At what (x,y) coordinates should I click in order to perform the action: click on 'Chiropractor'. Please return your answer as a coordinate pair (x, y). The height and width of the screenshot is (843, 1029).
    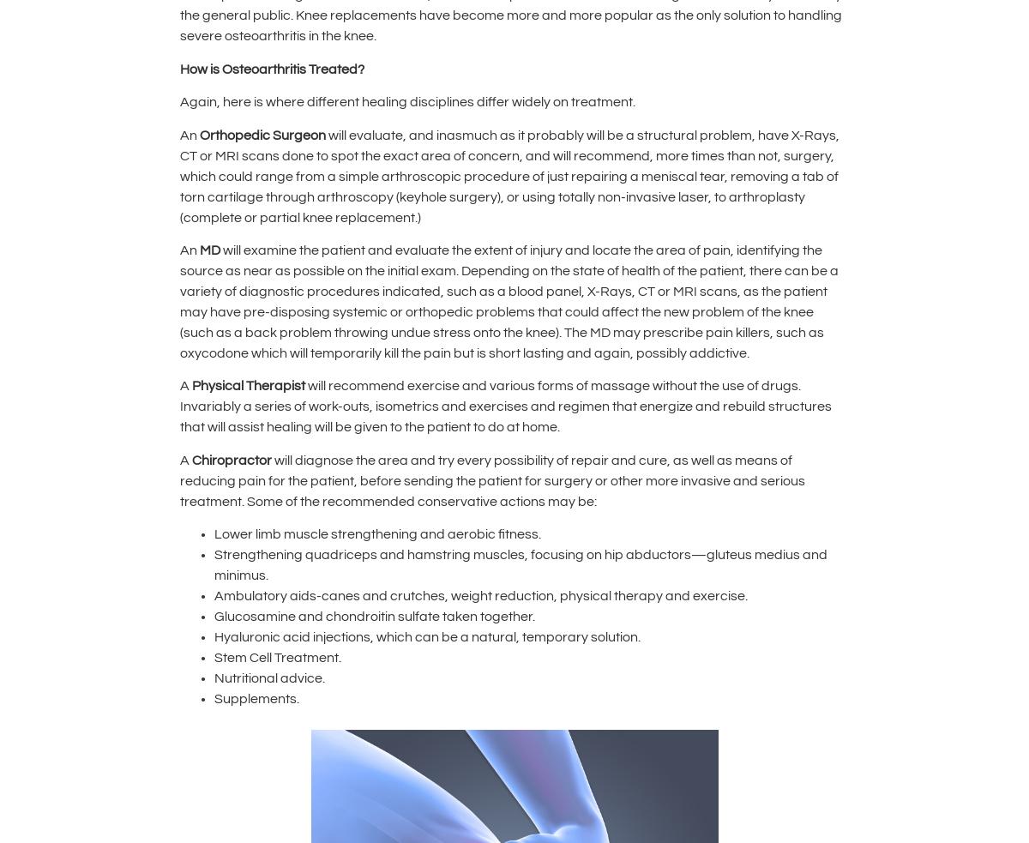
    Looking at the image, I should click on (232, 460).